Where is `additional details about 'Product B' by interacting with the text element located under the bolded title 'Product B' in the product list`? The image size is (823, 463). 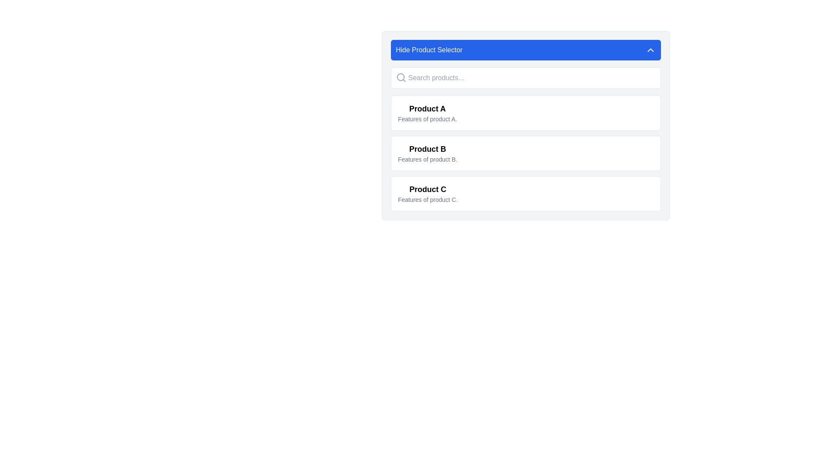 additional details about 'Product B' by interacting with the text element located under the bolded title 'Product B' in the product list is located at coordinates (427, 159).